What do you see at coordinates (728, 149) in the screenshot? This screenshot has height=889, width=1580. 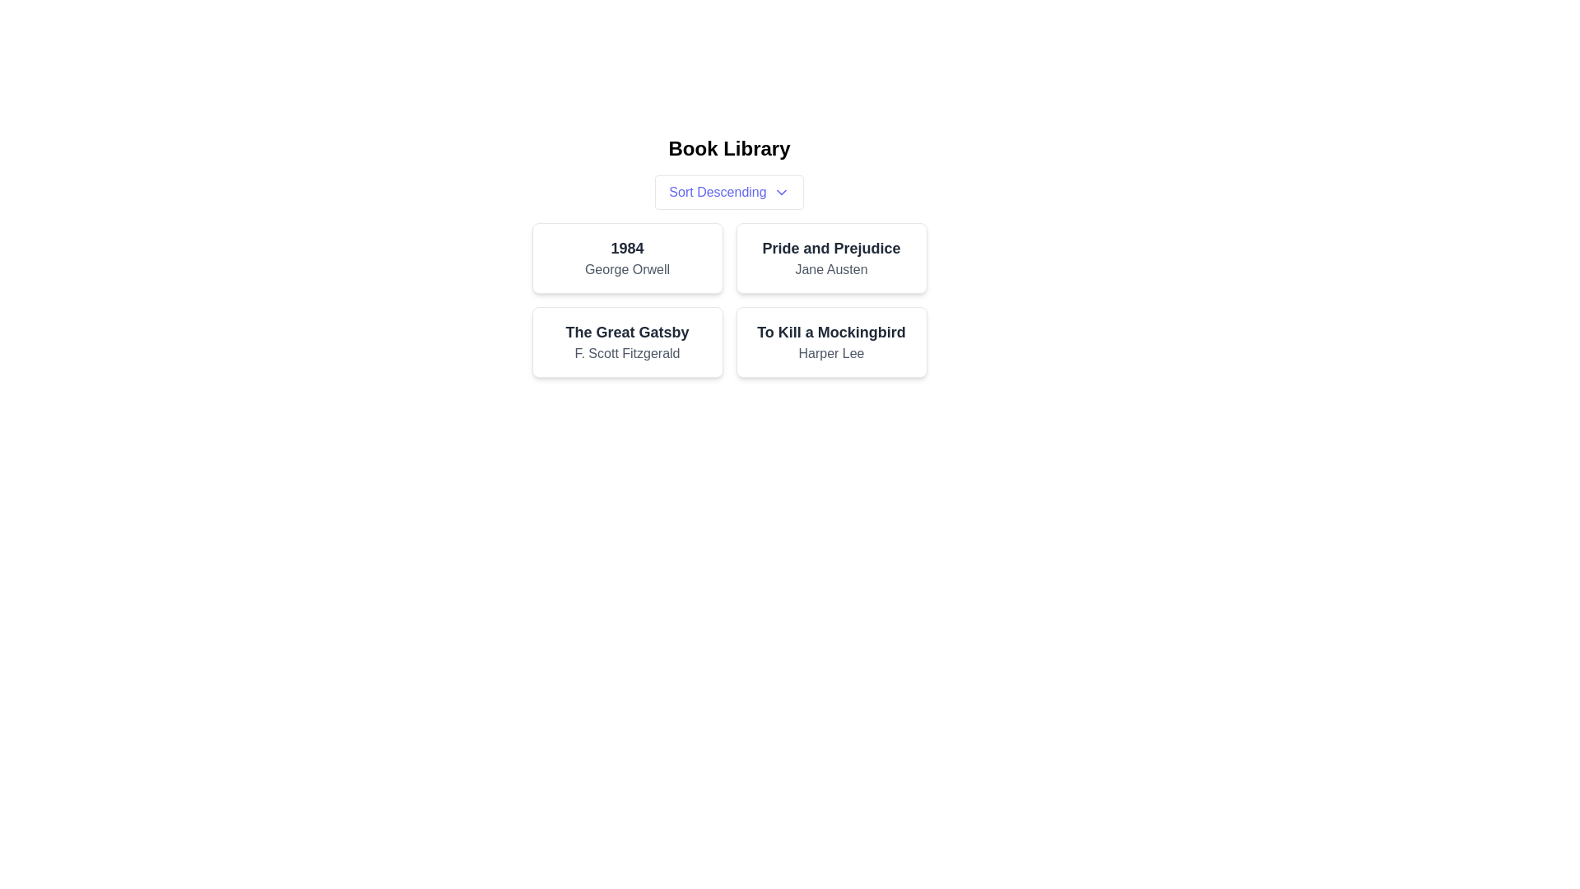 I see `the header text element that indicates the primary context of the book library, located just above the 'Sort Descending' button` at bounding box center [728, 149].